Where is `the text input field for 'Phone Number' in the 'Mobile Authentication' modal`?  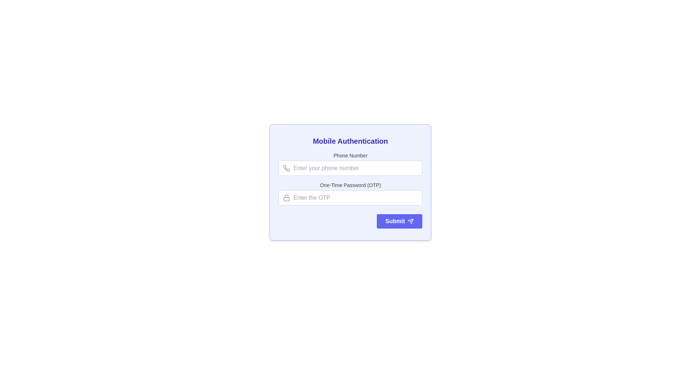 the text input field for 'Phone Number' in the 'Mobile Authentication' modal is located at coordinates (350, 168).